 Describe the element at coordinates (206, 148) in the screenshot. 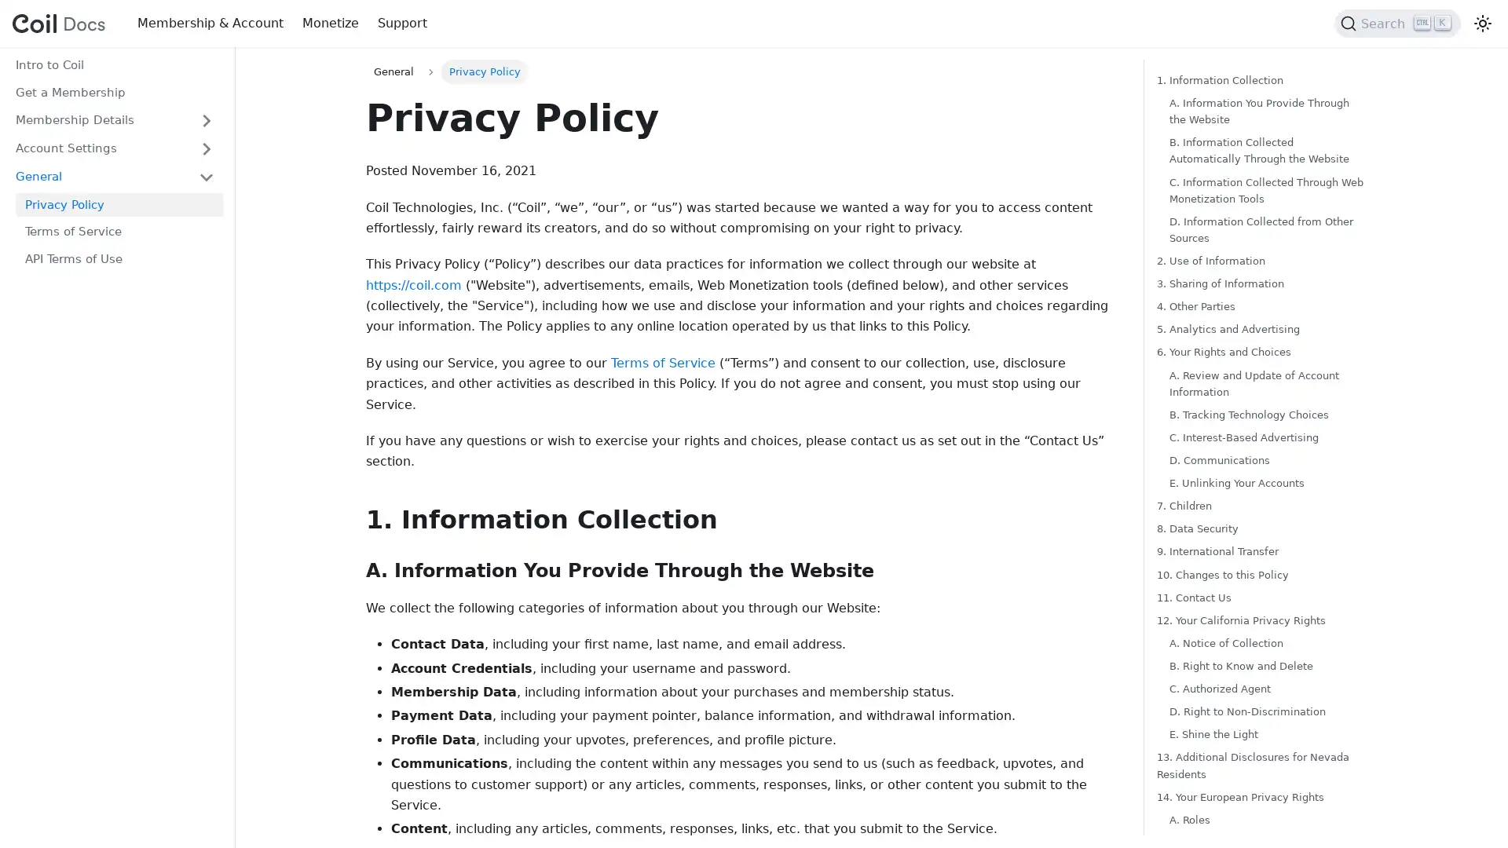

I see `Toggle the collapsible sidebar category 'Account Settings'` at that location.